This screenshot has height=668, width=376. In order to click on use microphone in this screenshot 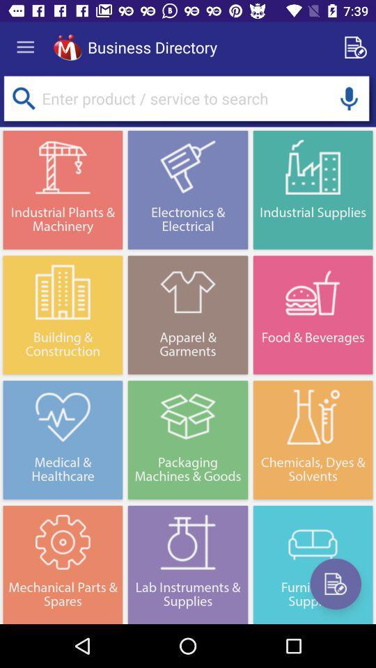, I will do `click(348, 97)`.